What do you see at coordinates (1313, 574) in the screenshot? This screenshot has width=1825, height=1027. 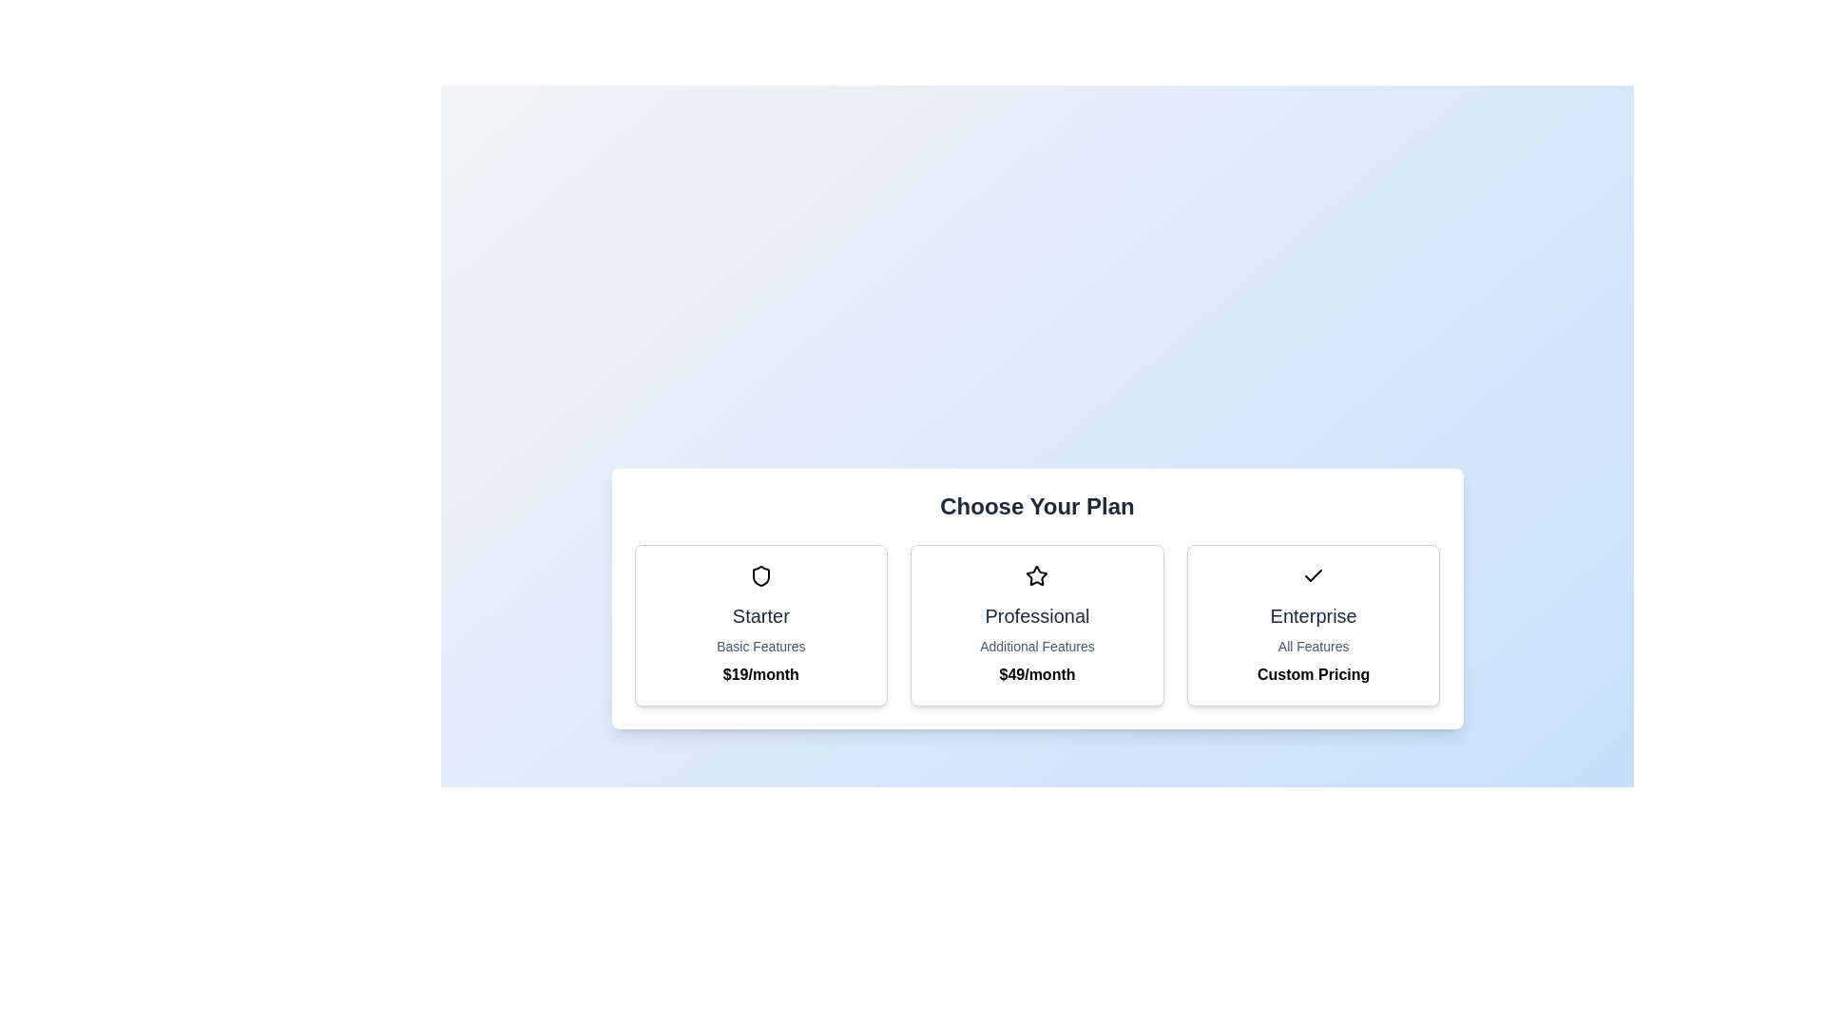 I see `the confirmation icon for the 'Enterprise' plan, which is located in the center of the third card labeled 'Enterprise'` at bounding box center [1313, 574].